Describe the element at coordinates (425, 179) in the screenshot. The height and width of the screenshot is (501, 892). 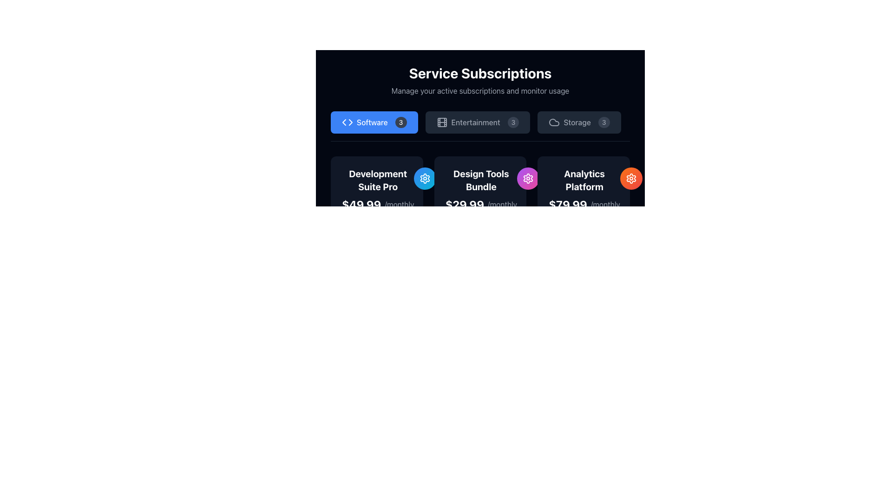
I see `the settings or gear icon located in the second card of the first row under the 'Service Subscriptions' section` at that location.